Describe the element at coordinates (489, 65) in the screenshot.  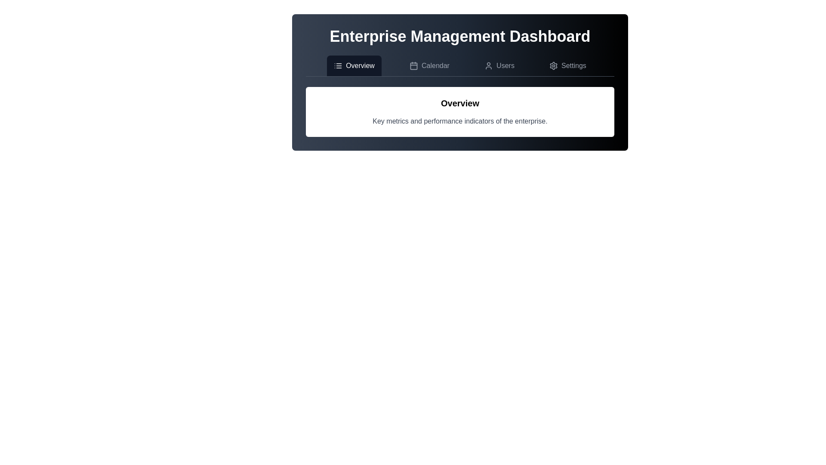
I see `the 'Users' icon located in the top menu bar, which represents the user management section` at that location.